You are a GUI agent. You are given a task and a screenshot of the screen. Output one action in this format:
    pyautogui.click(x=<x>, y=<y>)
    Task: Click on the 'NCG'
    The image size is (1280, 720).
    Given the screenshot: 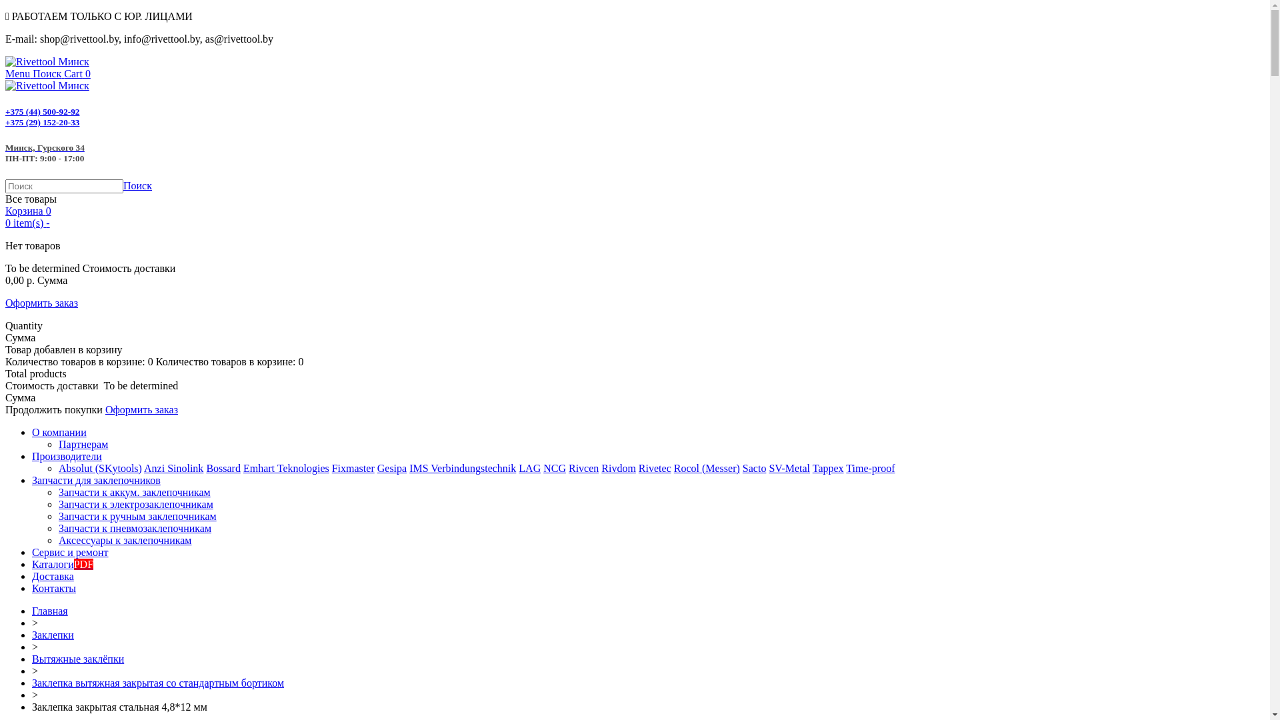 What is the action you would take?
    pyautogui.click(x=554, y=467)
    